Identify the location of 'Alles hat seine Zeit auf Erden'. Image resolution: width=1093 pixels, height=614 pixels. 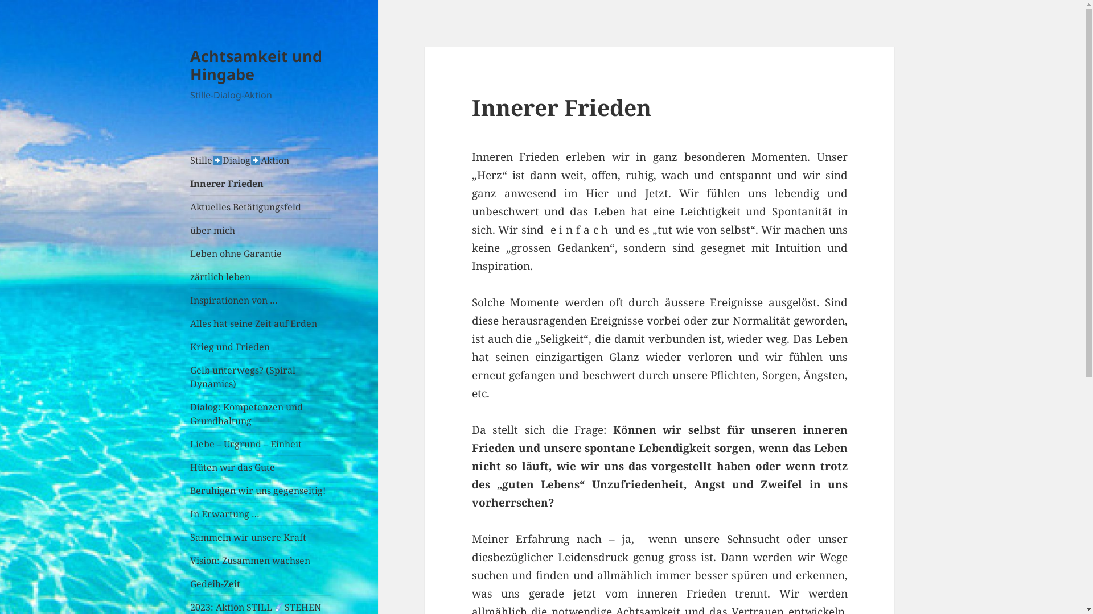
(190, 323).